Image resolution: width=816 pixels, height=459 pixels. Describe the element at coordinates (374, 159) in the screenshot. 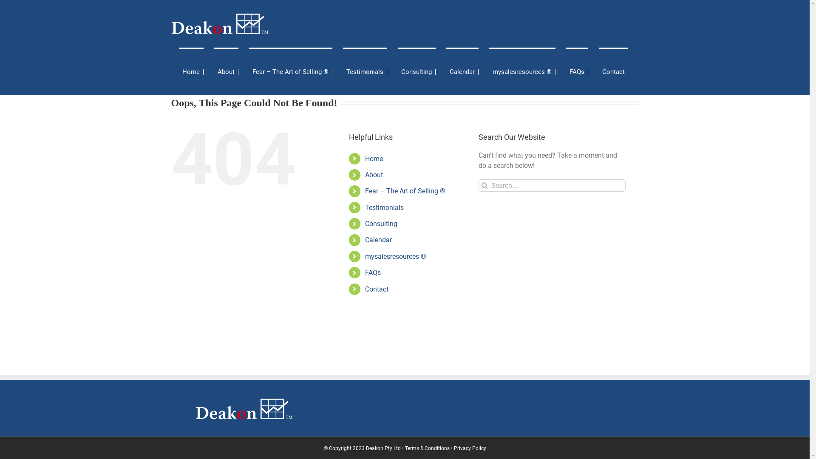

I see `'Home'` at that location.